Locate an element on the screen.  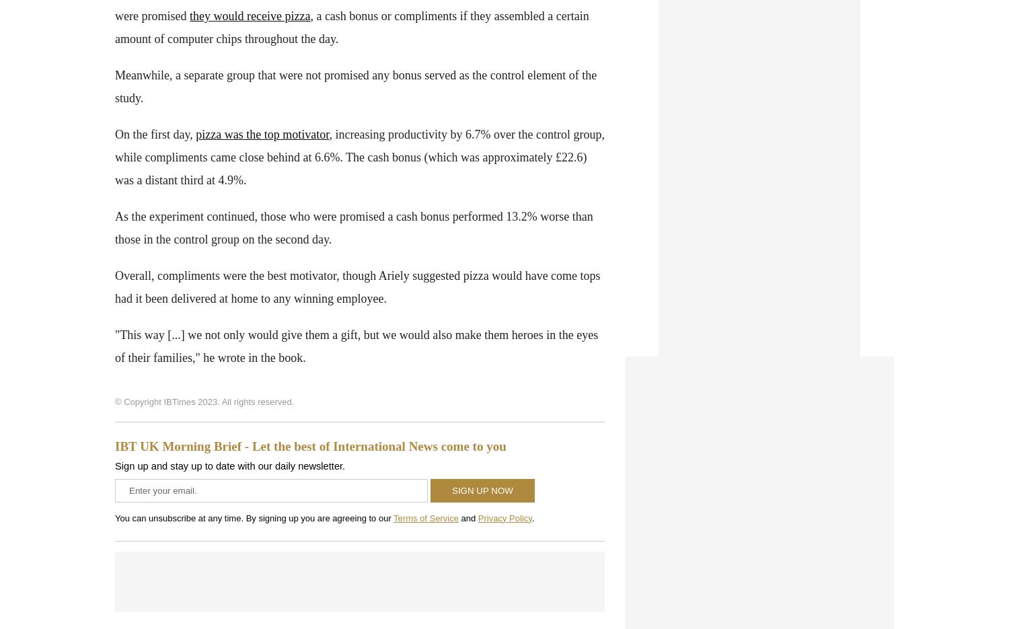
'As the experiment continued, those who were promised a cash bonus performed 13.2% worse than those in the control group on the second day.' is located at coordinates (354, 227).